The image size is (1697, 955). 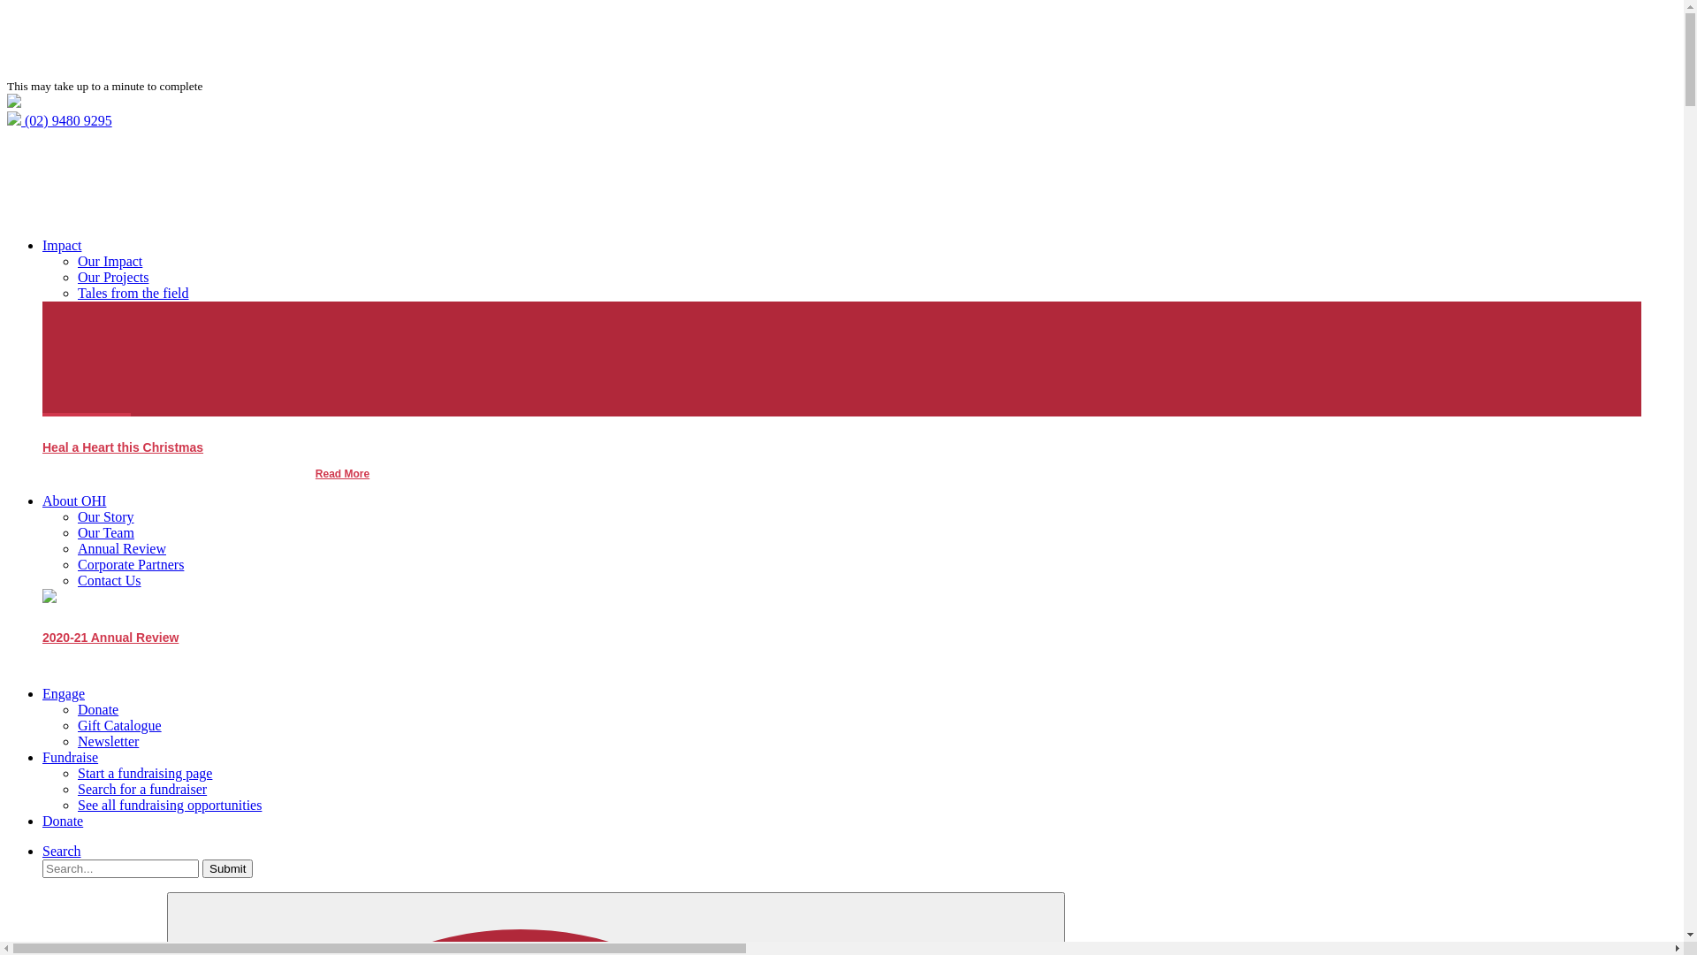 I want to click on 'Open Heart International Homepage', so click(x=7, y=103).